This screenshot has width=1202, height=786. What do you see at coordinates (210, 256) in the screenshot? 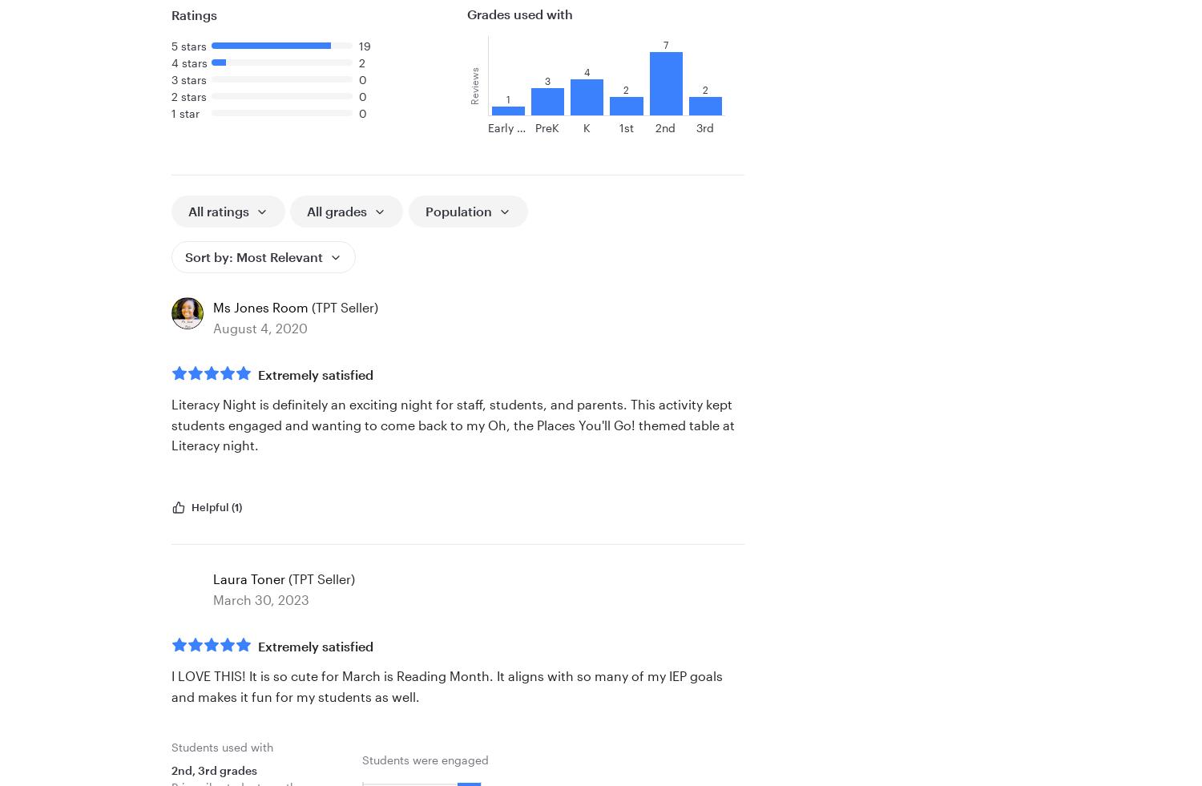
I see `'Sort by:'` at bounding box center [210, 256].